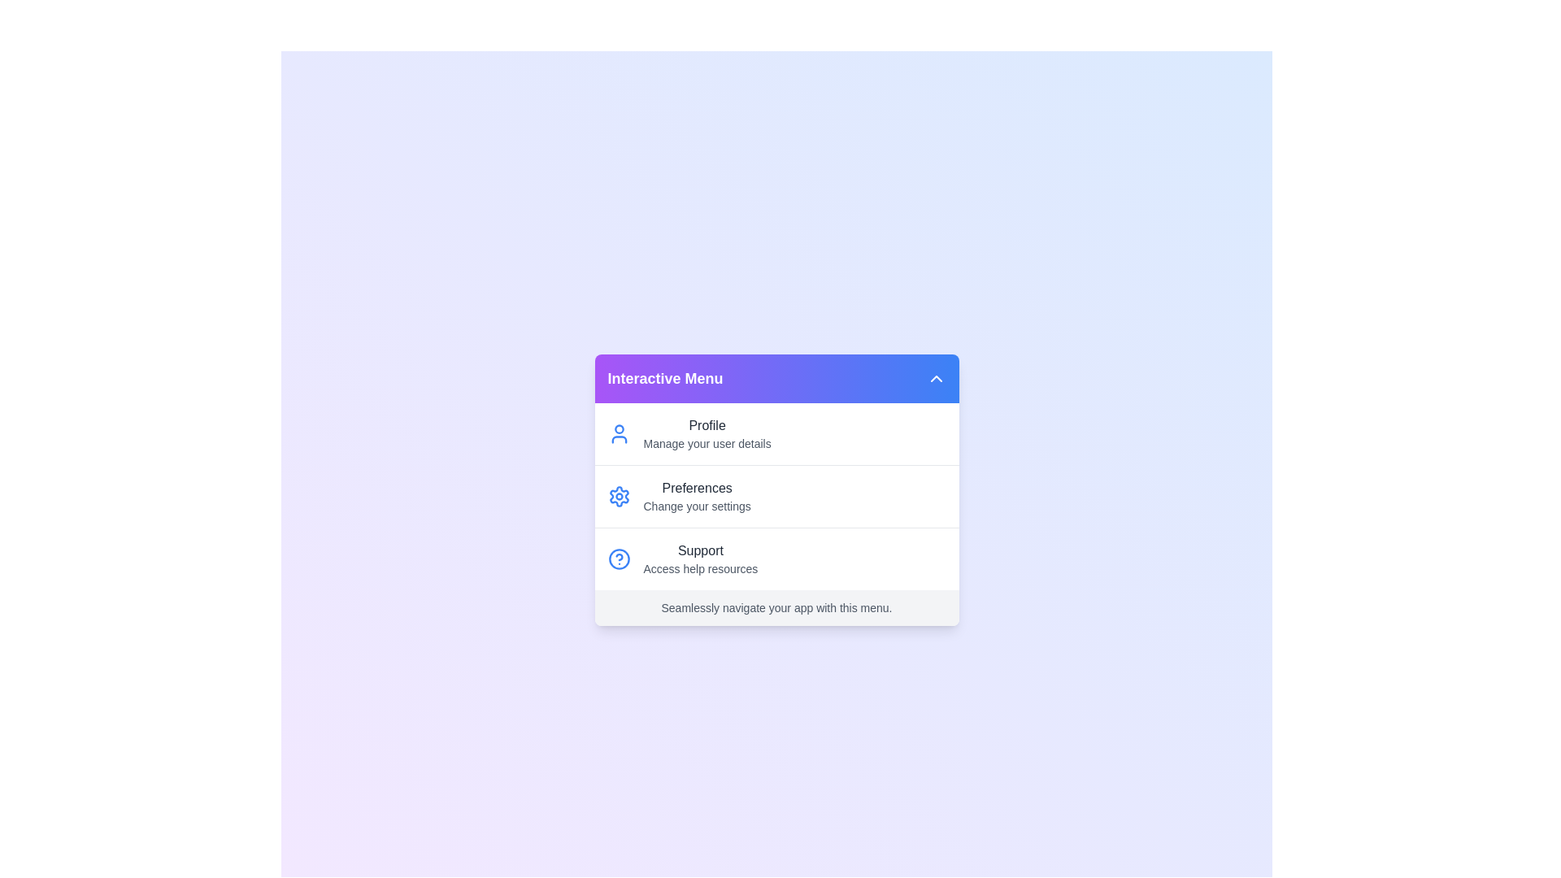 This screenshot has width=1561, height=878. Describe the element at coordinates (700, 558) in the screenshot. I see `the 'Support' option in the menu` at that location.